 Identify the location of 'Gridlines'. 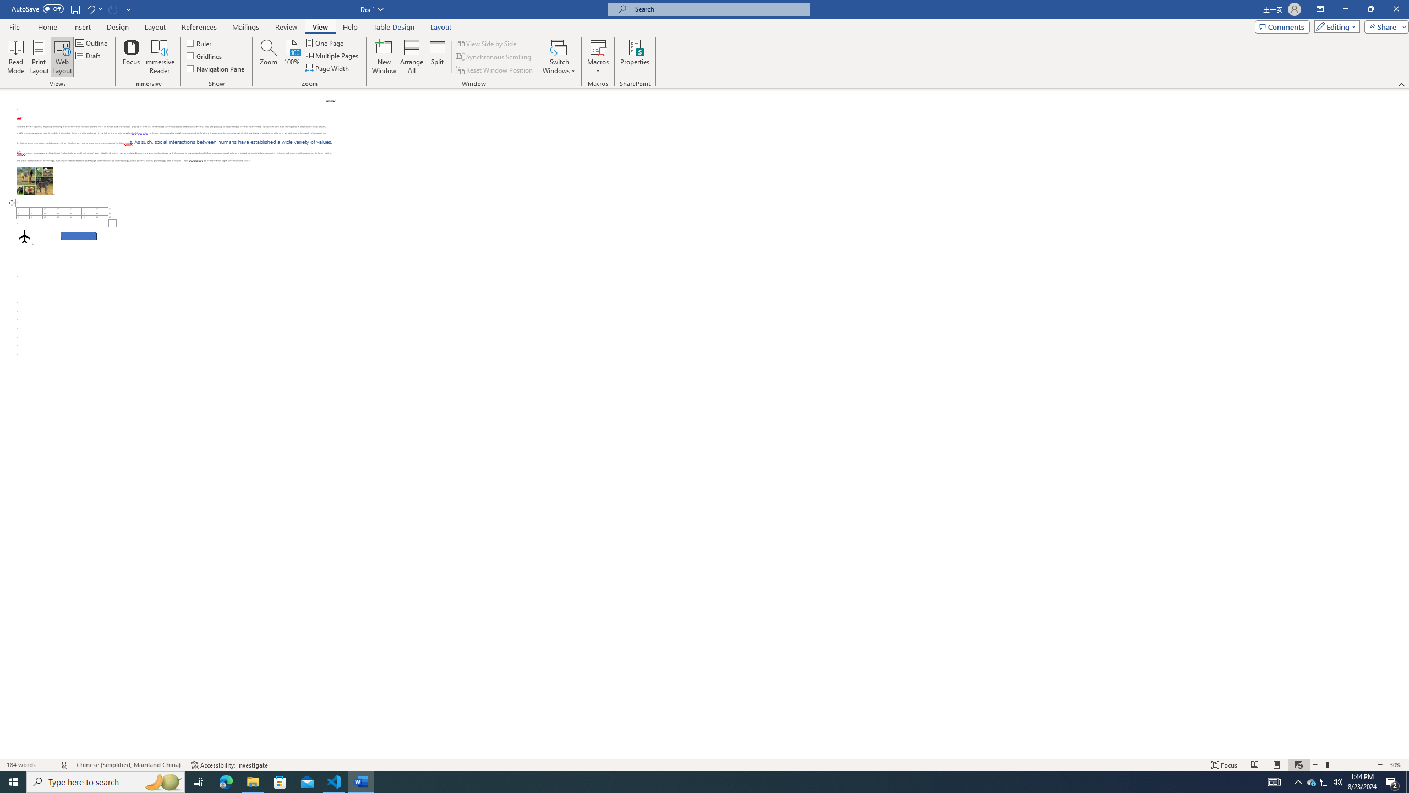
(204, 55).